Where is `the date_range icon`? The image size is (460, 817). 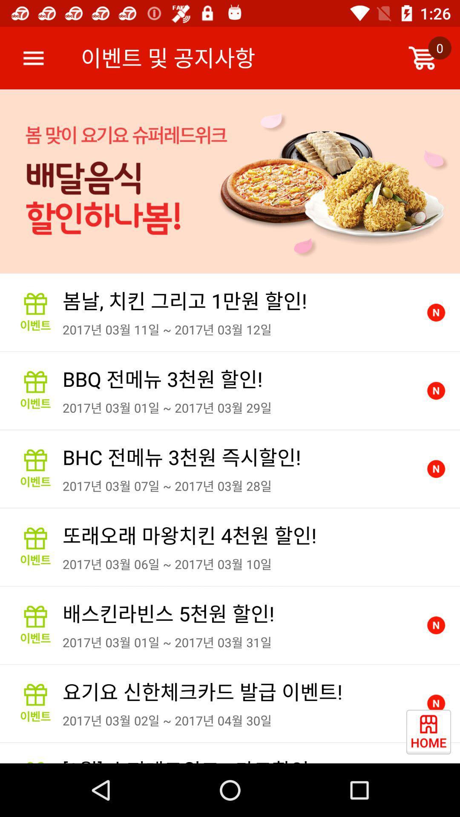 the date_range icon is located at coordinates (433, 736).